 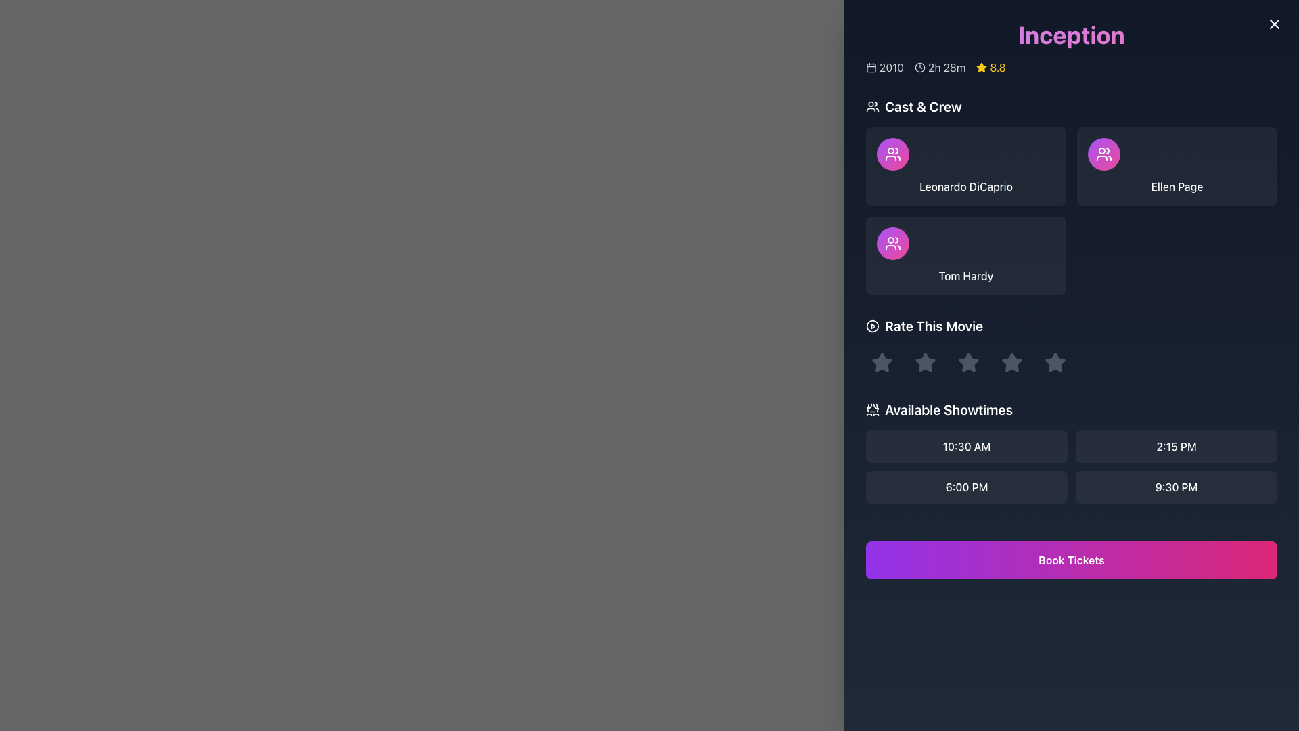 I want to click on the icon representing the cast member 'Ellen Page' in the 'Cast & Crew' section, so click(x=1104, y=153).